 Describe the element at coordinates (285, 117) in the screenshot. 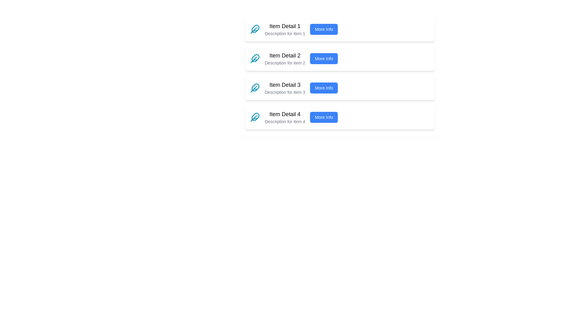

I see `the text block titled 'Item Detail 4' which contains the description 'Description for item 4'` at that location.